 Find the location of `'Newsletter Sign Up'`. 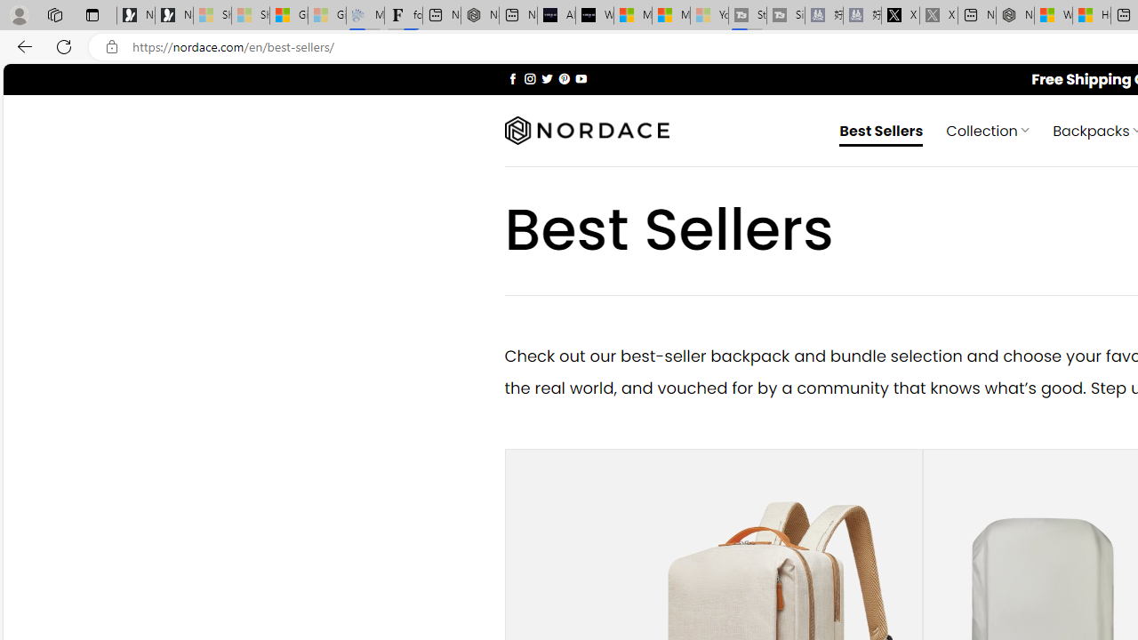

'Newsletter Sign Up' is located at coordinates (174, 15).